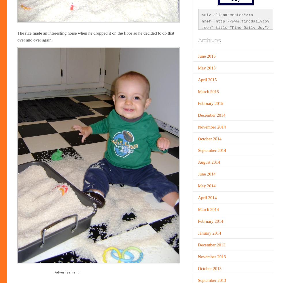 This screenshot has width=284, height=283. I want to click on 'November 2013', so click(211, 256).